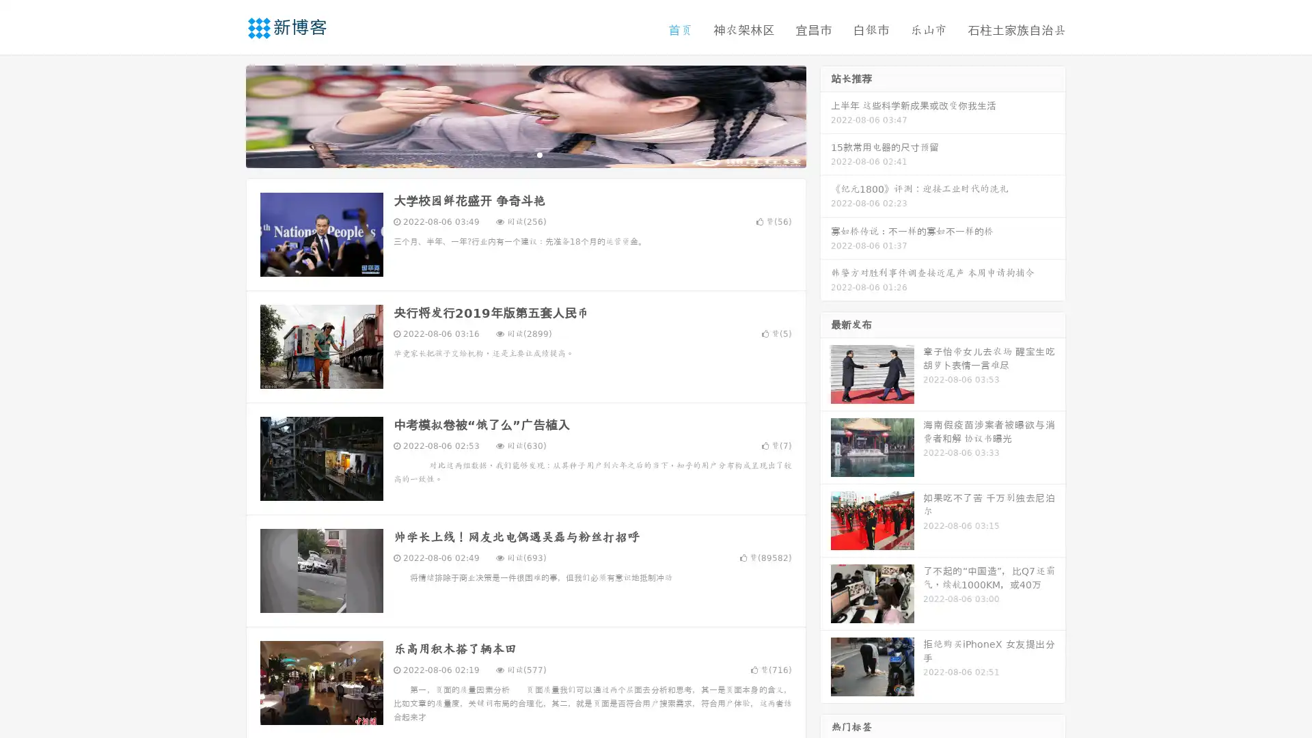 The height and width of the screenshot is (738, 1312). I want to click on Next slide, so click(825, 115).